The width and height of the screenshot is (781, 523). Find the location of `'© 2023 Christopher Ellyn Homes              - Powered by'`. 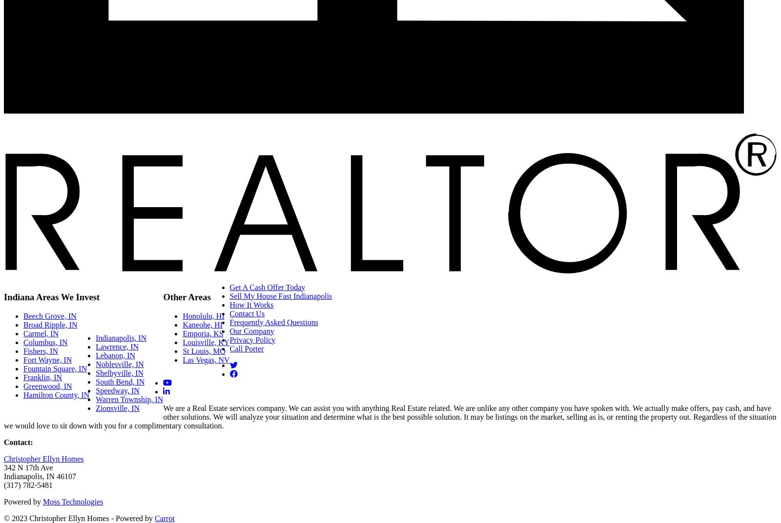

'© 2023 Christopher Ellyn Homes              - Powered by' is located at coordinates (79, 518).